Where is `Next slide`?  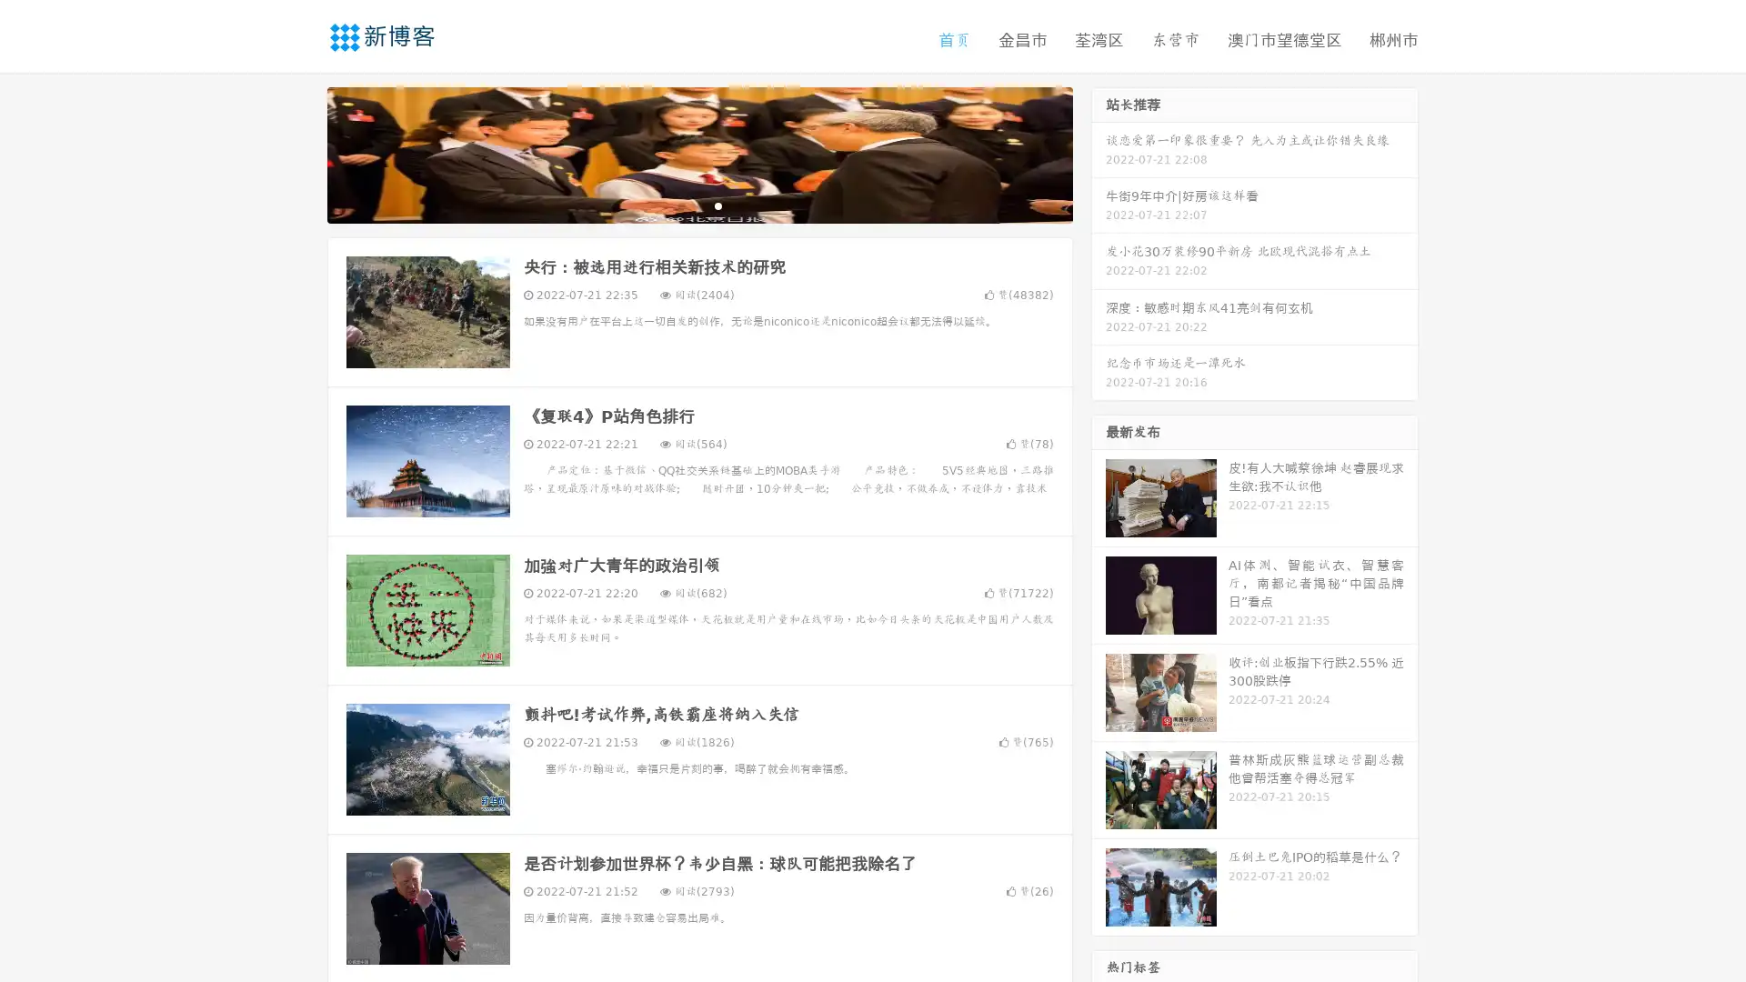
Next slide is located at coordinates (1099, 153).